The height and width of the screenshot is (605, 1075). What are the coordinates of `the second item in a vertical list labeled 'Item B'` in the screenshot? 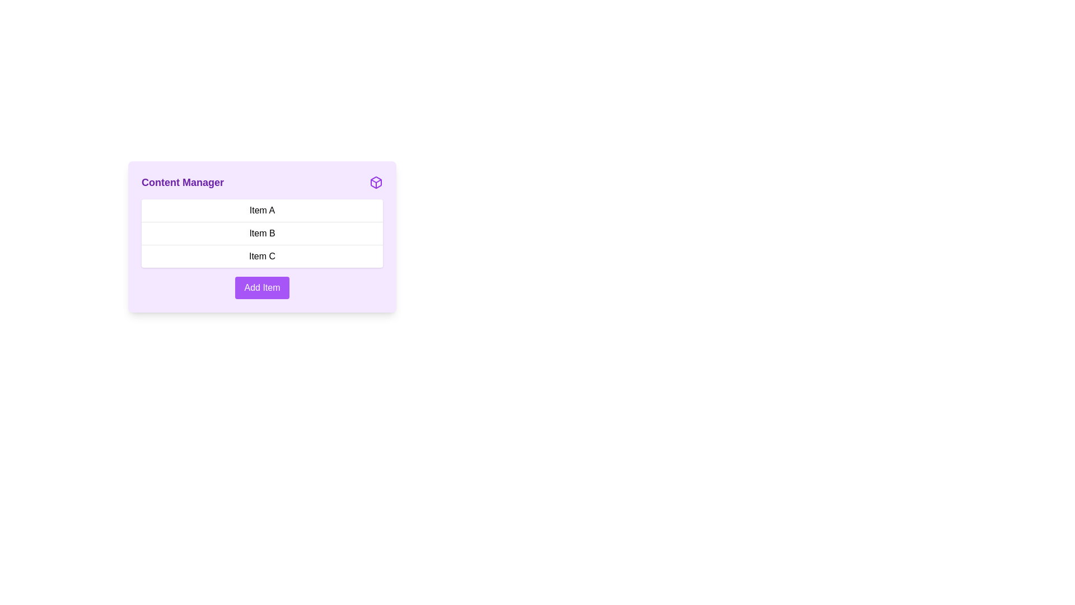 It's located at (261, 236).